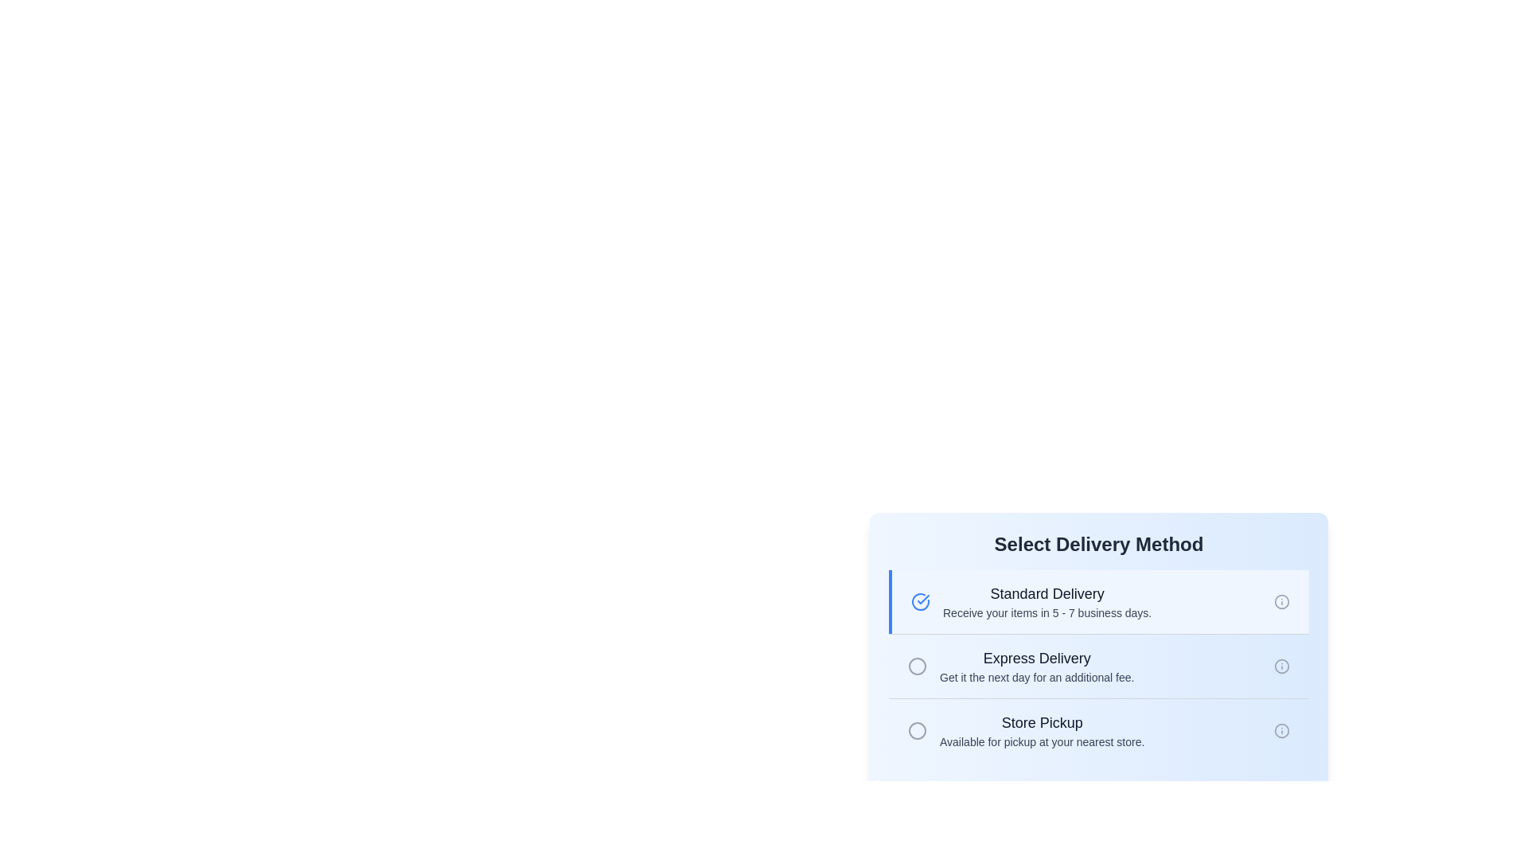 The height and width of the screenshot is (860, 1528). What do you see at coordinates (1047, 602) in the screenshot?
I see `the text block containing the title 'Standard Delivery' and the subtitle 'Receive your items in 5 - 7 business days.' This text block is the second in a list of delivery options and is aligned to the left` at bounding box center [1047, 602].